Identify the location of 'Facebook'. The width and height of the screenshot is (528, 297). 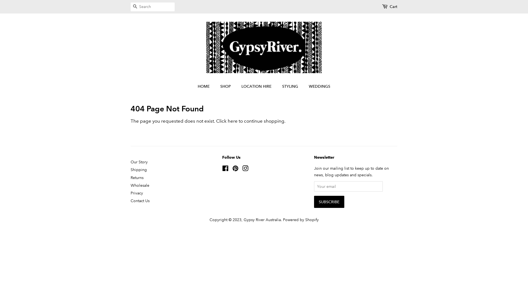
(222, 169).